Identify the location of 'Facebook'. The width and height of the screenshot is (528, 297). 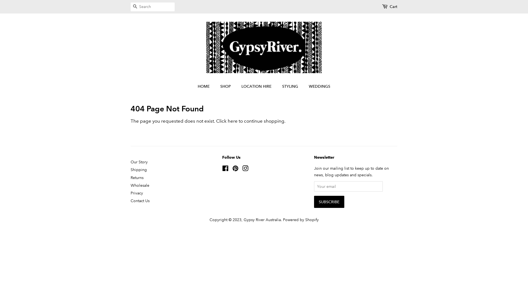
(222, 169).